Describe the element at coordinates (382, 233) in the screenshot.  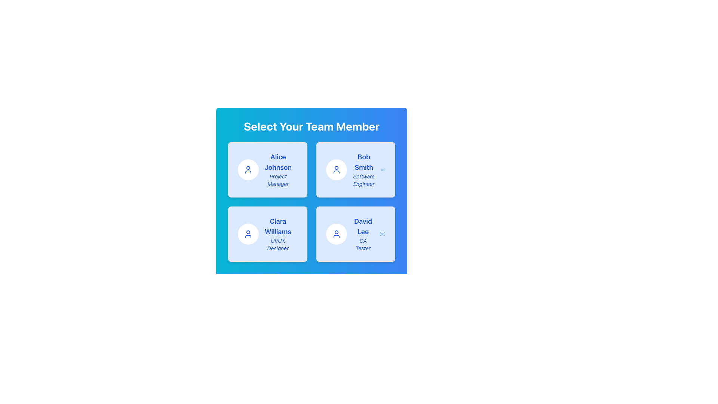
I see `the radio-style interactive element located at the bottom-right corner of the 'David Lee - QA Tester' selection card` at that location.